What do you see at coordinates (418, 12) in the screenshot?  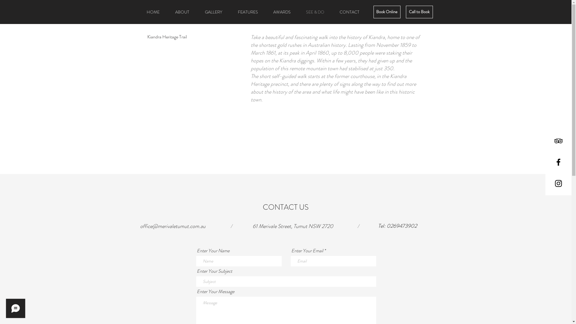 I see `'Call to Book'` at bounding box center [418, 12].